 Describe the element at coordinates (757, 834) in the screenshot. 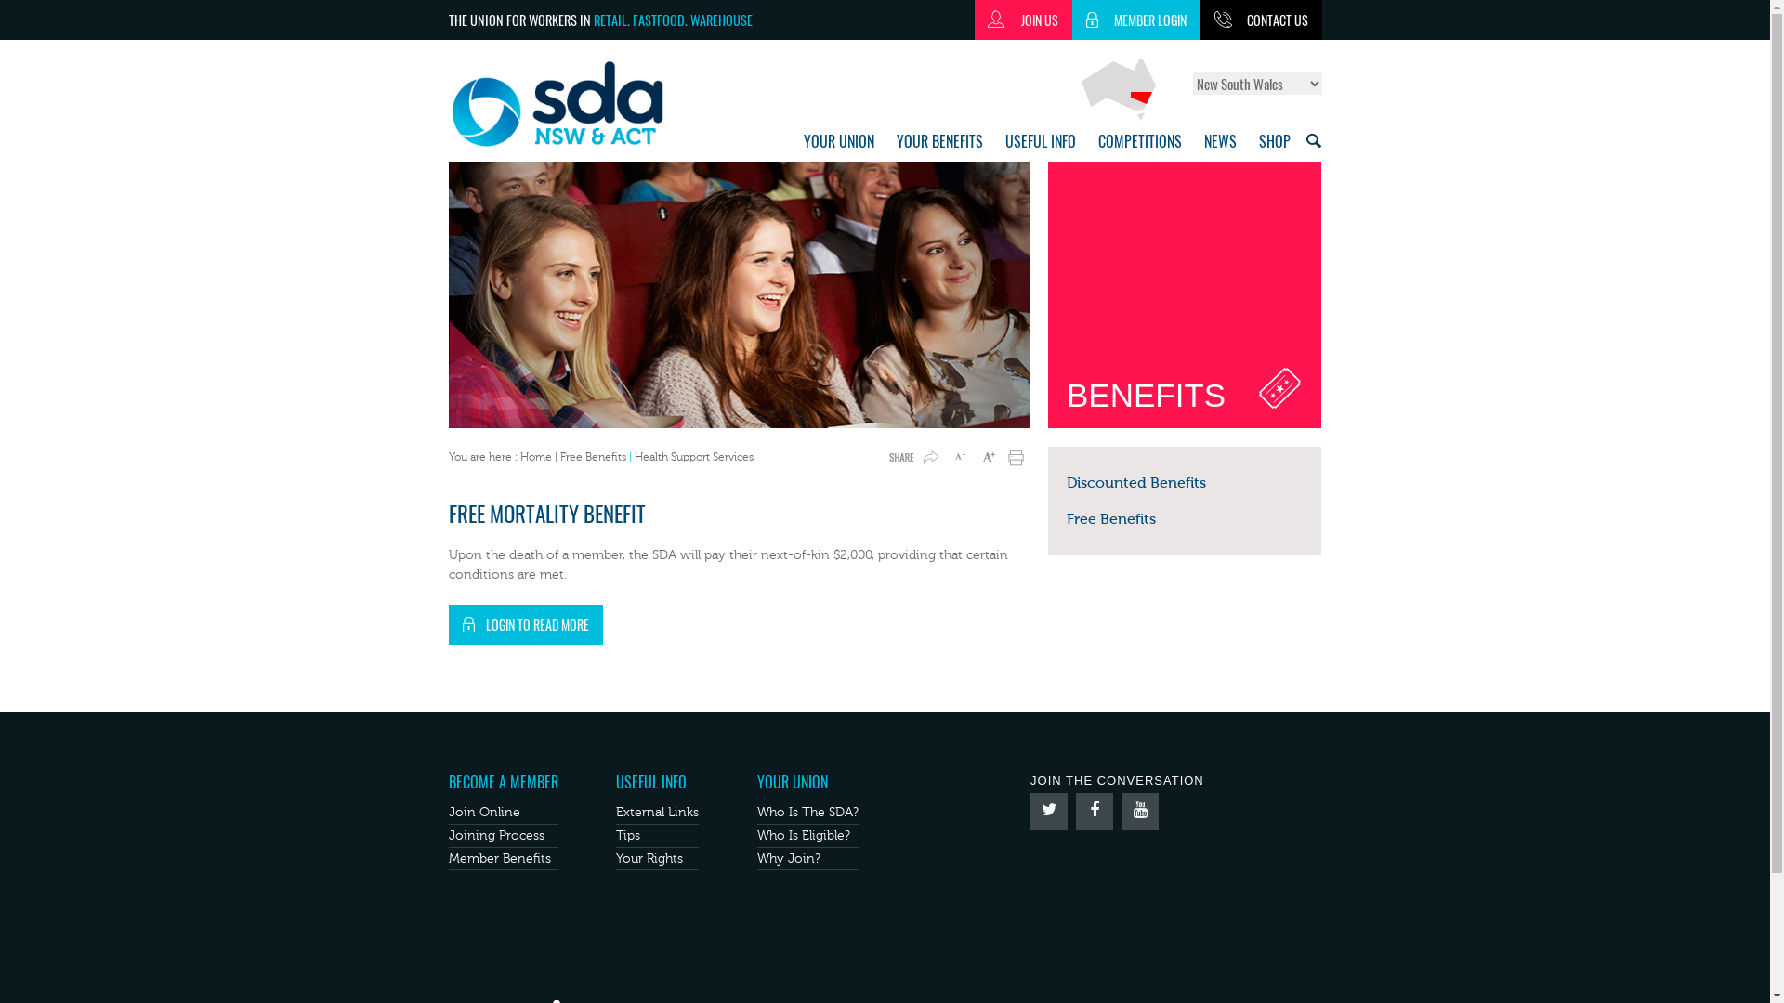

I see `'Who Is Eligible?'` at that location.